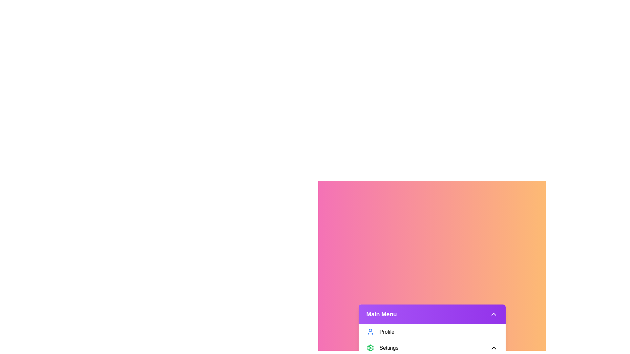  I want to click on the upward-pointing chevron-shaped arrow icon in black located to the far-right side of the 'Settings' menu item in the dropdown under the 'Main Menu' section, so click(493, 347).